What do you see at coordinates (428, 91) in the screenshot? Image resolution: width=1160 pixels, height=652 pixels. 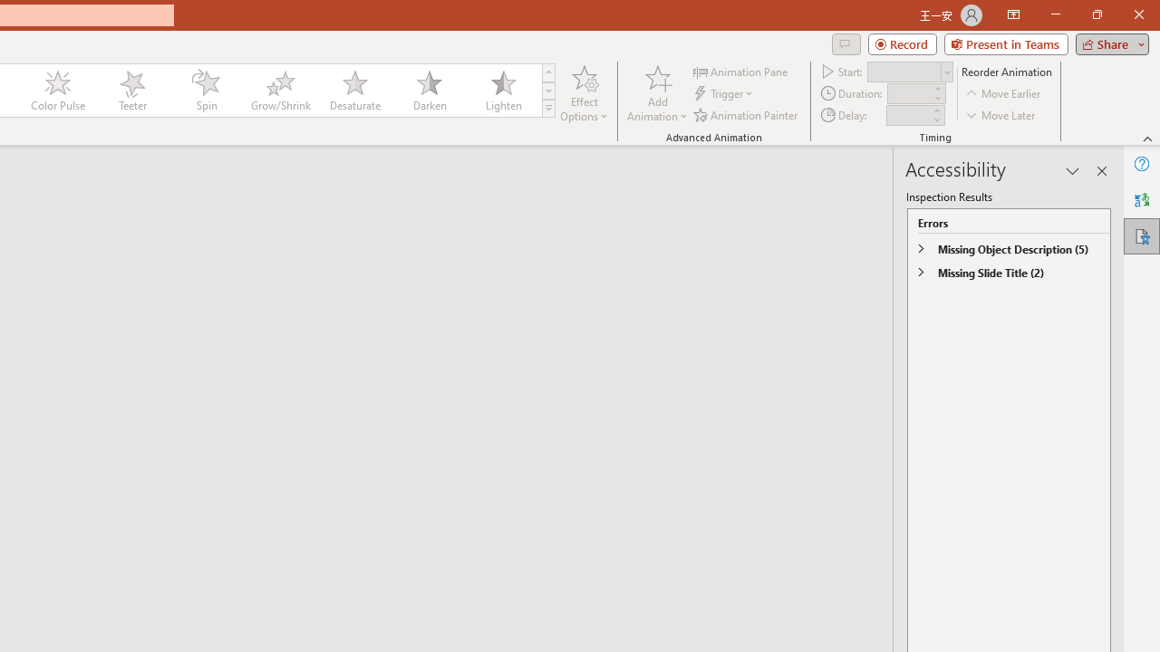 I see `'Darken'` at bounding box center [428, 91].